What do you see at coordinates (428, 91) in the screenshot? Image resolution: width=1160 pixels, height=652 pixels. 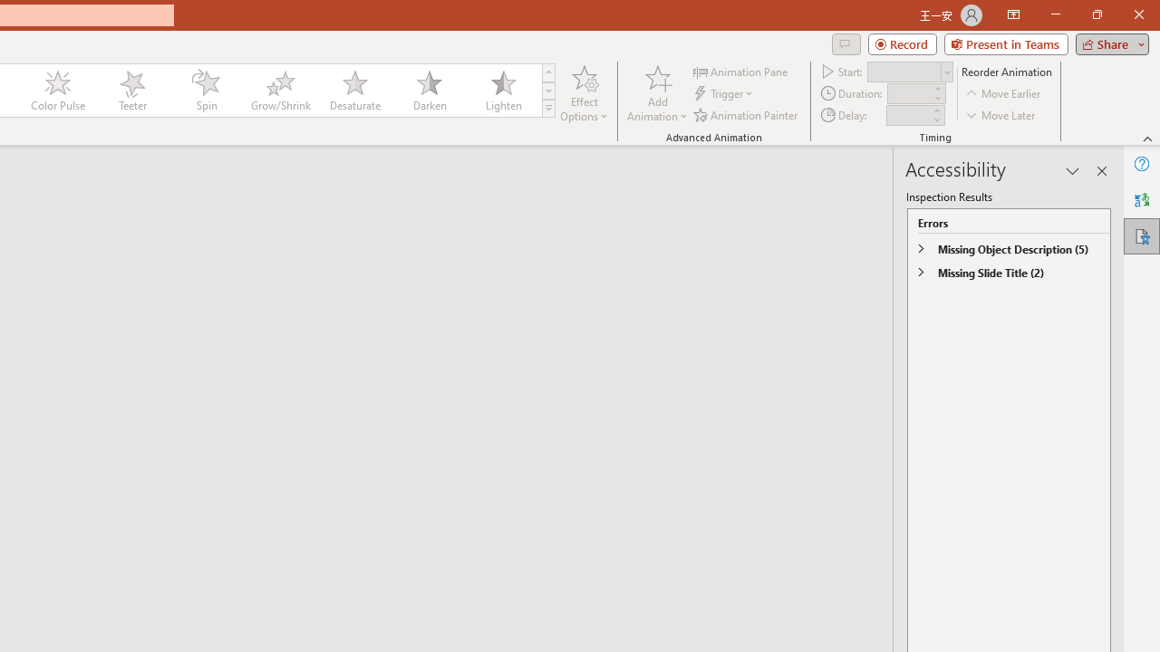 I see `'Darken'` at bounding box center [428, 91].